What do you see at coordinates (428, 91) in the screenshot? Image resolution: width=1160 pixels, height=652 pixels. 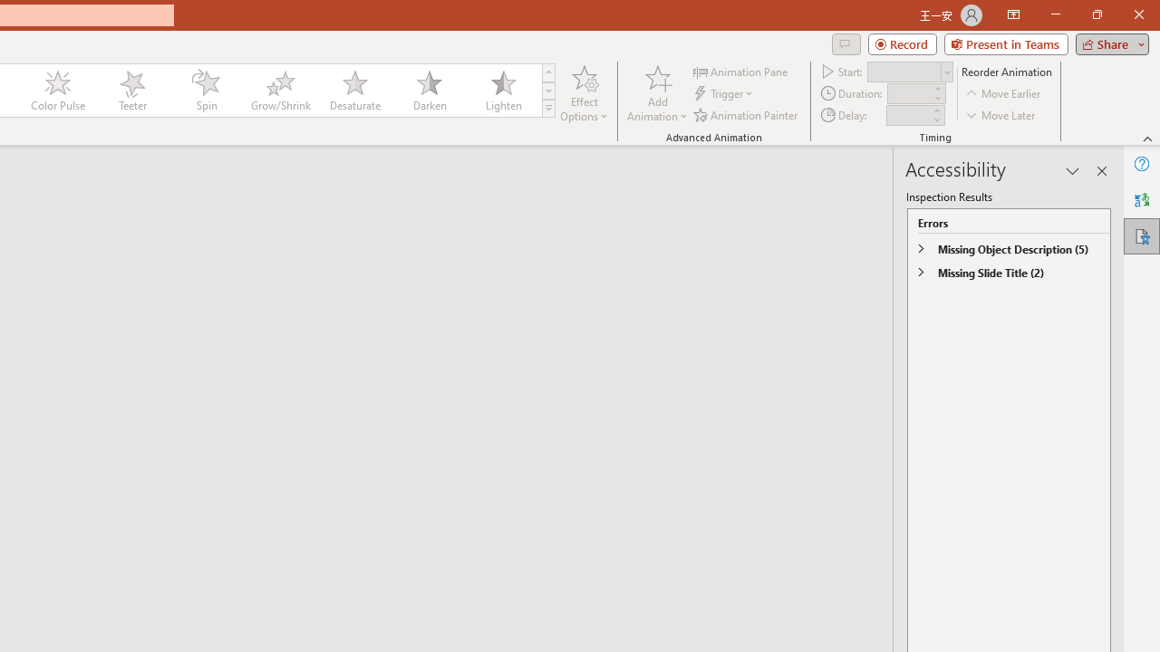 I see `'Darken'` at bounding box center [428, 91].